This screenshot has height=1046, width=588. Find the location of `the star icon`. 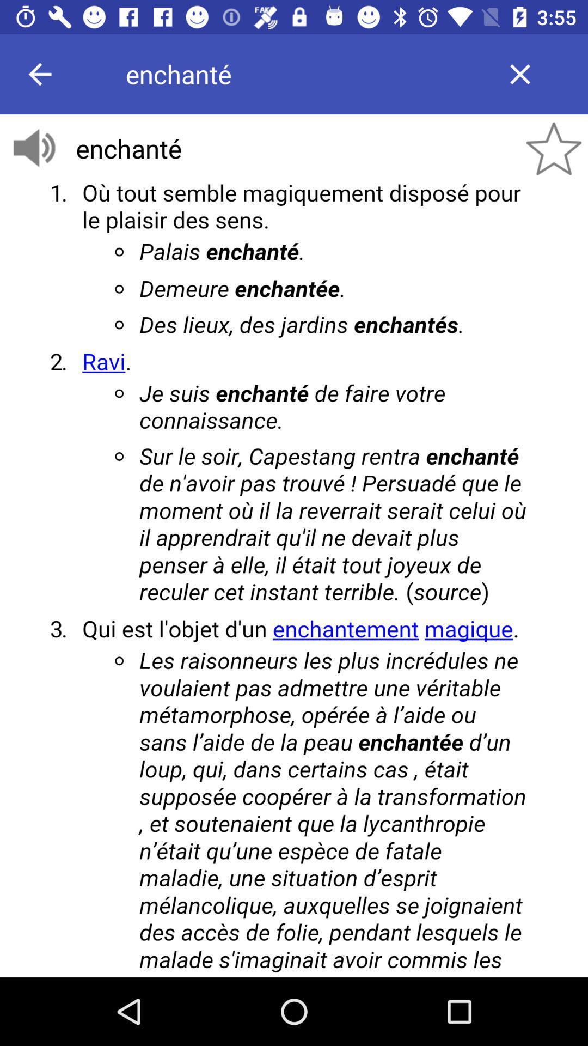

the star icon is located at coordinates (554, 148).